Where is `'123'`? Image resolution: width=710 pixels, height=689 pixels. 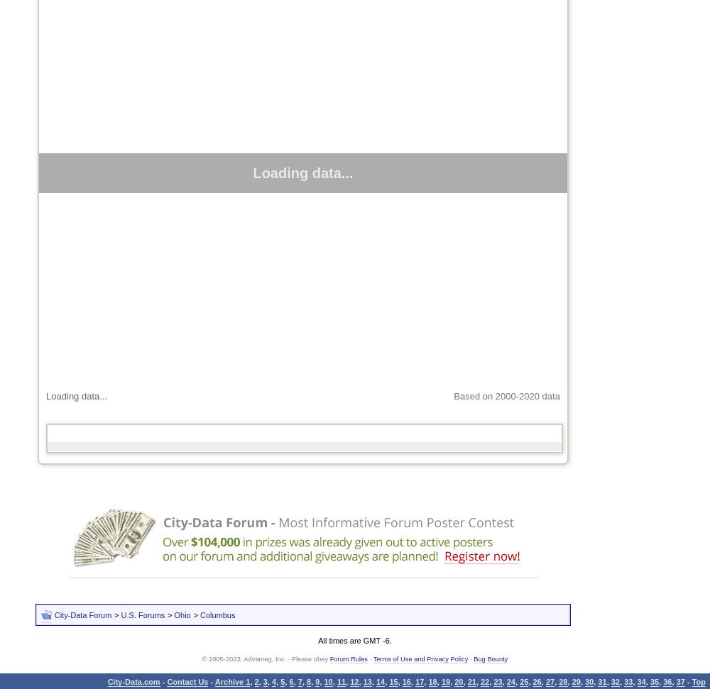 '123' is located at coordinates (54, 446).